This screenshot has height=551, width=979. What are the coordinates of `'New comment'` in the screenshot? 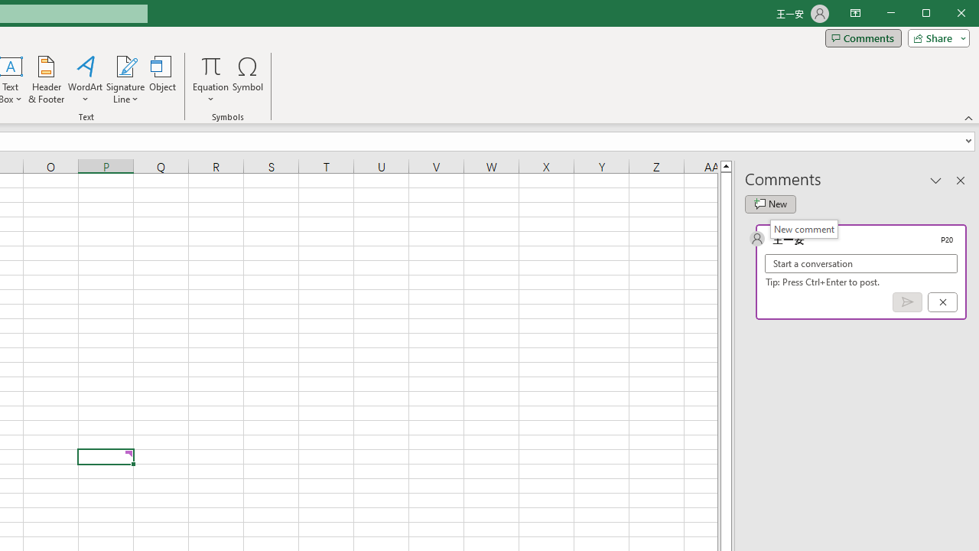 It's located at (803, 229).